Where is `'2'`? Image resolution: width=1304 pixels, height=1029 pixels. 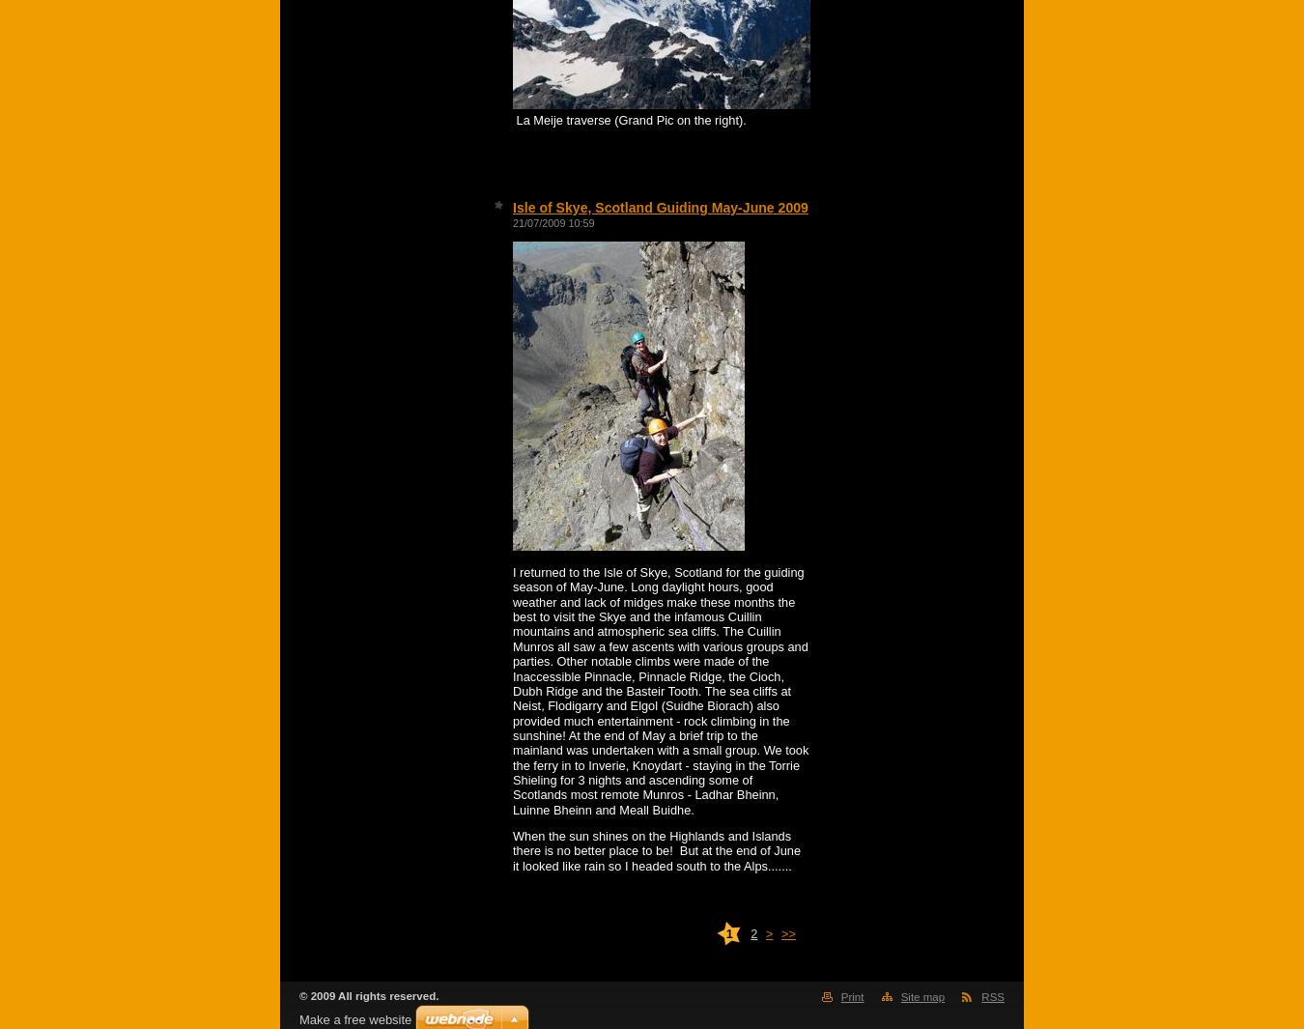
'2' is located at coordinates (752, 932).